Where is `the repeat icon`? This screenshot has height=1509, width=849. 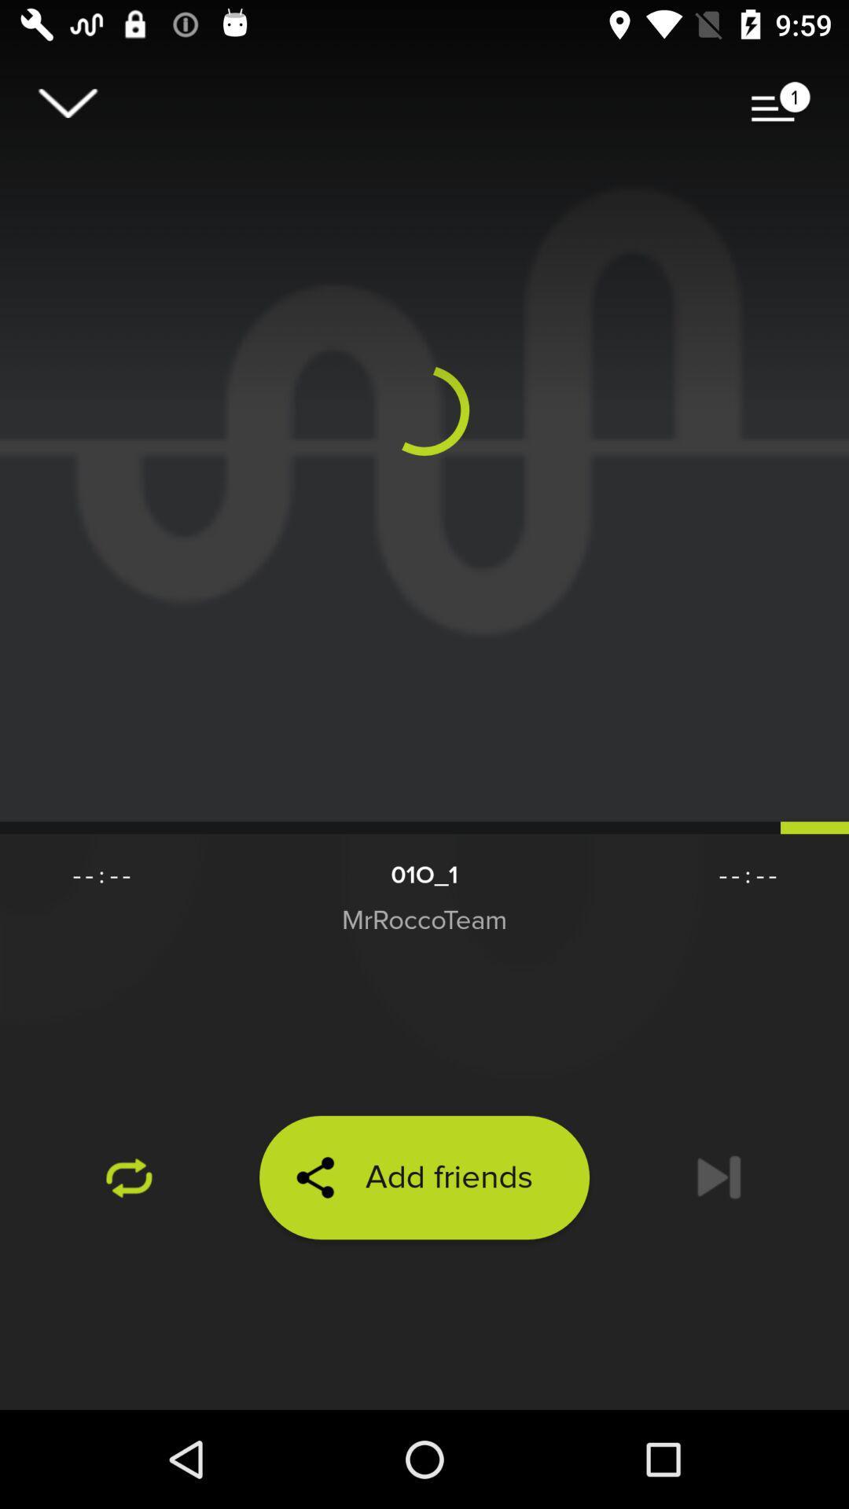 the repeat icon is located at coordinates (129, 1177).